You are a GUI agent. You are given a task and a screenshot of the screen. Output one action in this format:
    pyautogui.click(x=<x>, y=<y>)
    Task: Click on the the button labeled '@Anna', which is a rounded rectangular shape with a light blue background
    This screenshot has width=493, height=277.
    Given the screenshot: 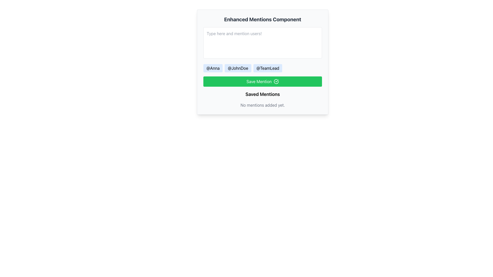 What is the action you would take?
    pyautogui.click(x=213, y=68)
    